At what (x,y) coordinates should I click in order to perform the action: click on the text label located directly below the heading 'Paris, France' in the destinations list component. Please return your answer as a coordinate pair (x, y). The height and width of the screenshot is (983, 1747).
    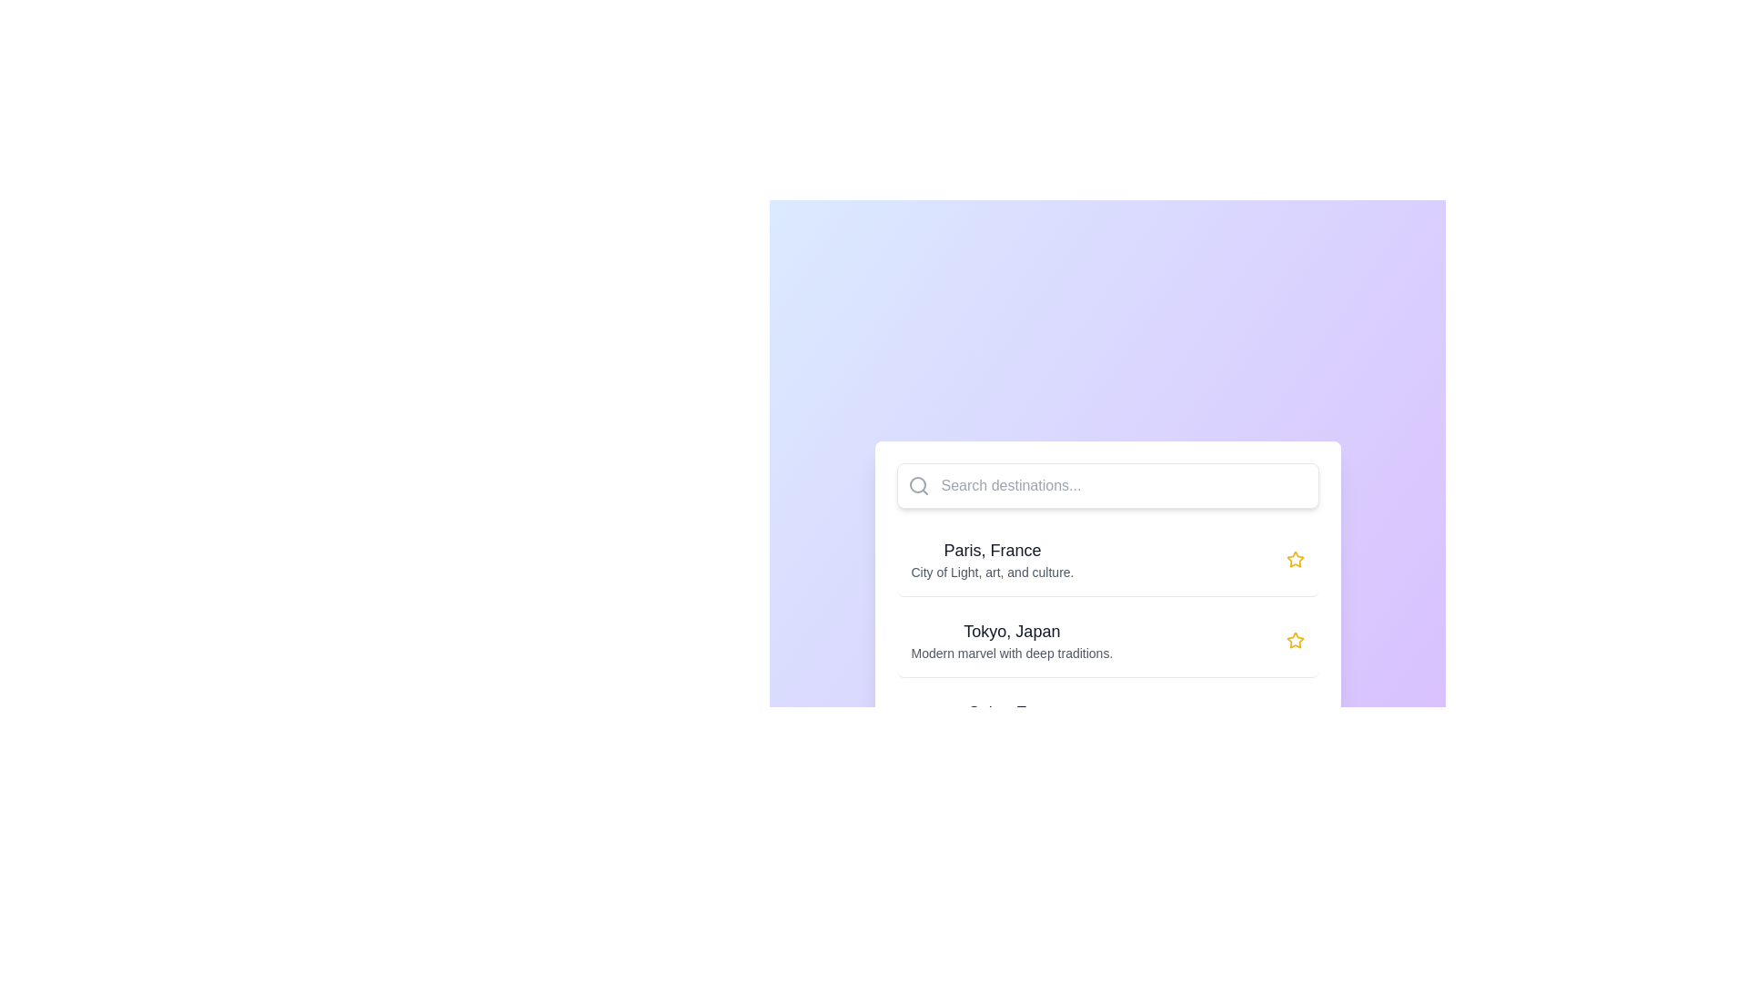
    Looking at the image, I should click on (991, 571).